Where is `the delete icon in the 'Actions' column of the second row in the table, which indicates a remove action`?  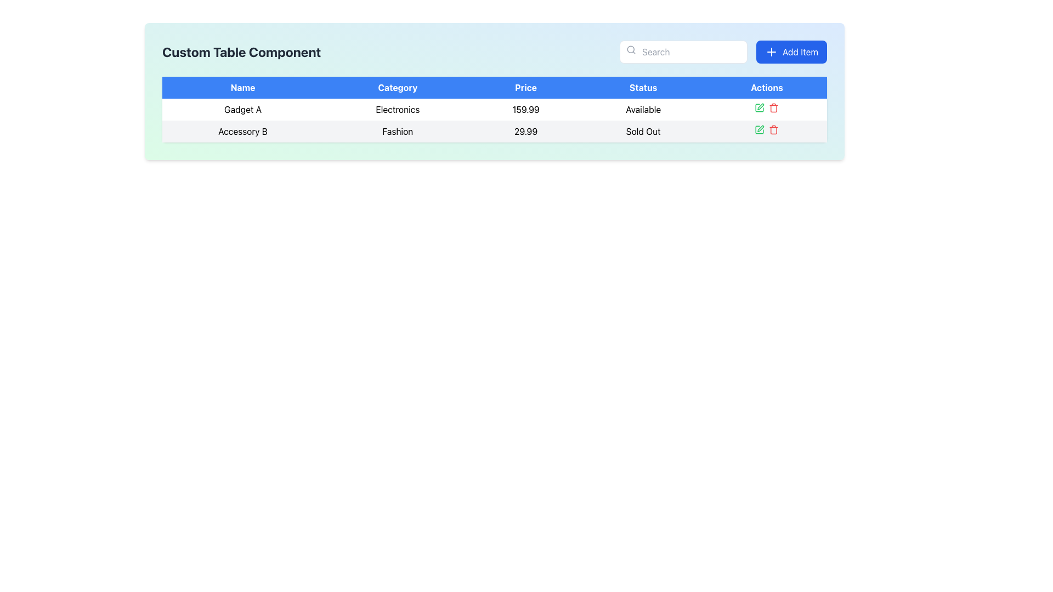
the delete icon in the 'Actions' column of the second row in the table, which indicates a remove action is located at coordinates (773, 130).